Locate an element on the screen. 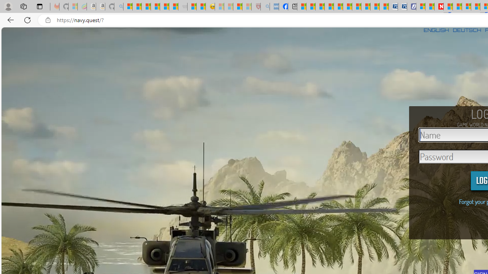 The image size is (488, 274). 'New Report Confirms 2023 Was Record Hot | Watch' is located at coordinates (164, 6).